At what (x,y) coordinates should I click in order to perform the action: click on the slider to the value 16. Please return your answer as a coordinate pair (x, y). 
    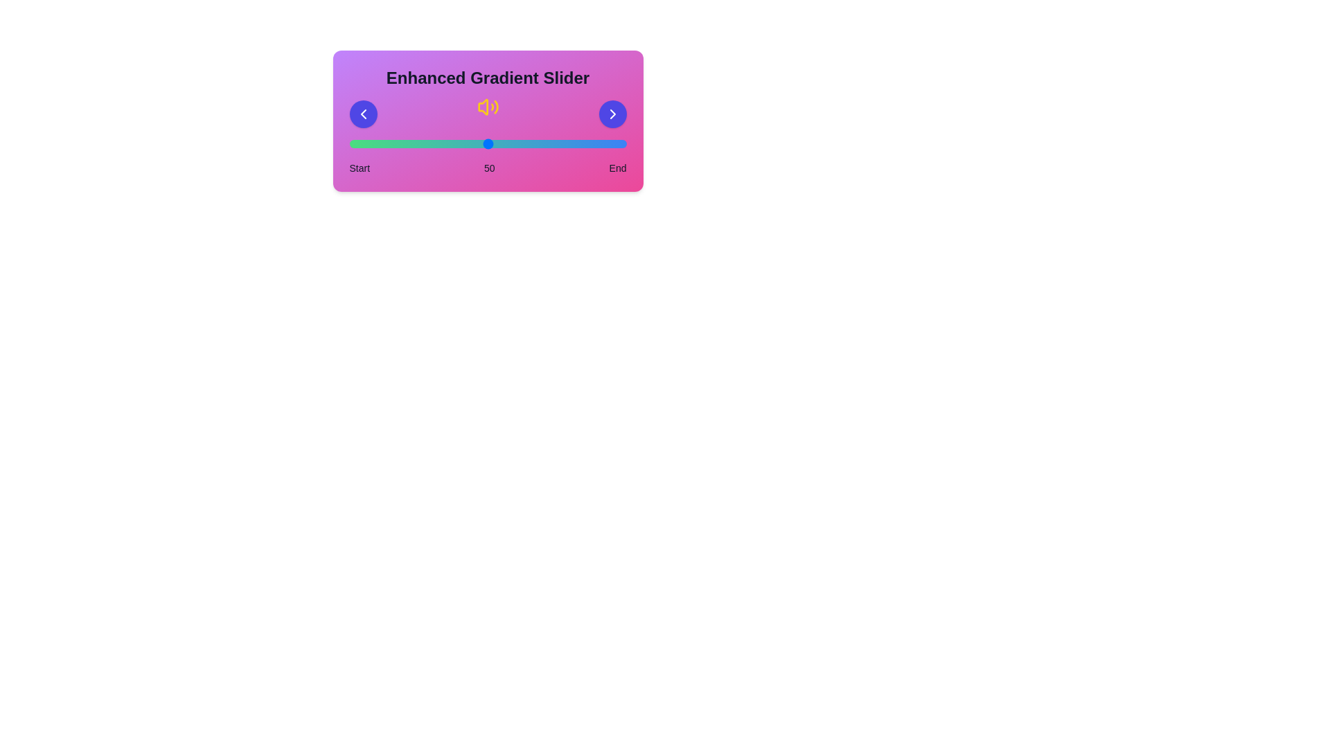
    Looking at the image, I should click on (393, 144).